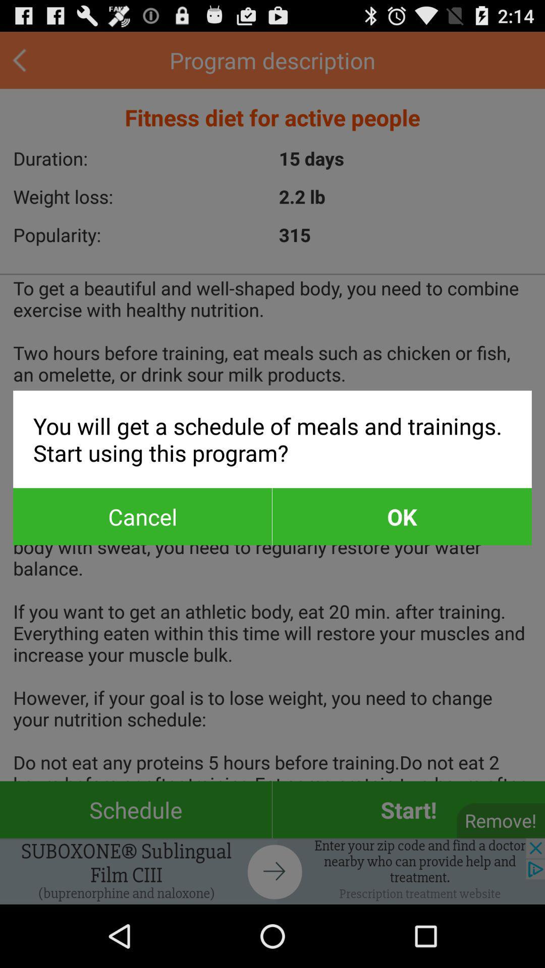  Describe the element at coordinates (142, 516) in the screenshot. I see `the cancel button` at that location.